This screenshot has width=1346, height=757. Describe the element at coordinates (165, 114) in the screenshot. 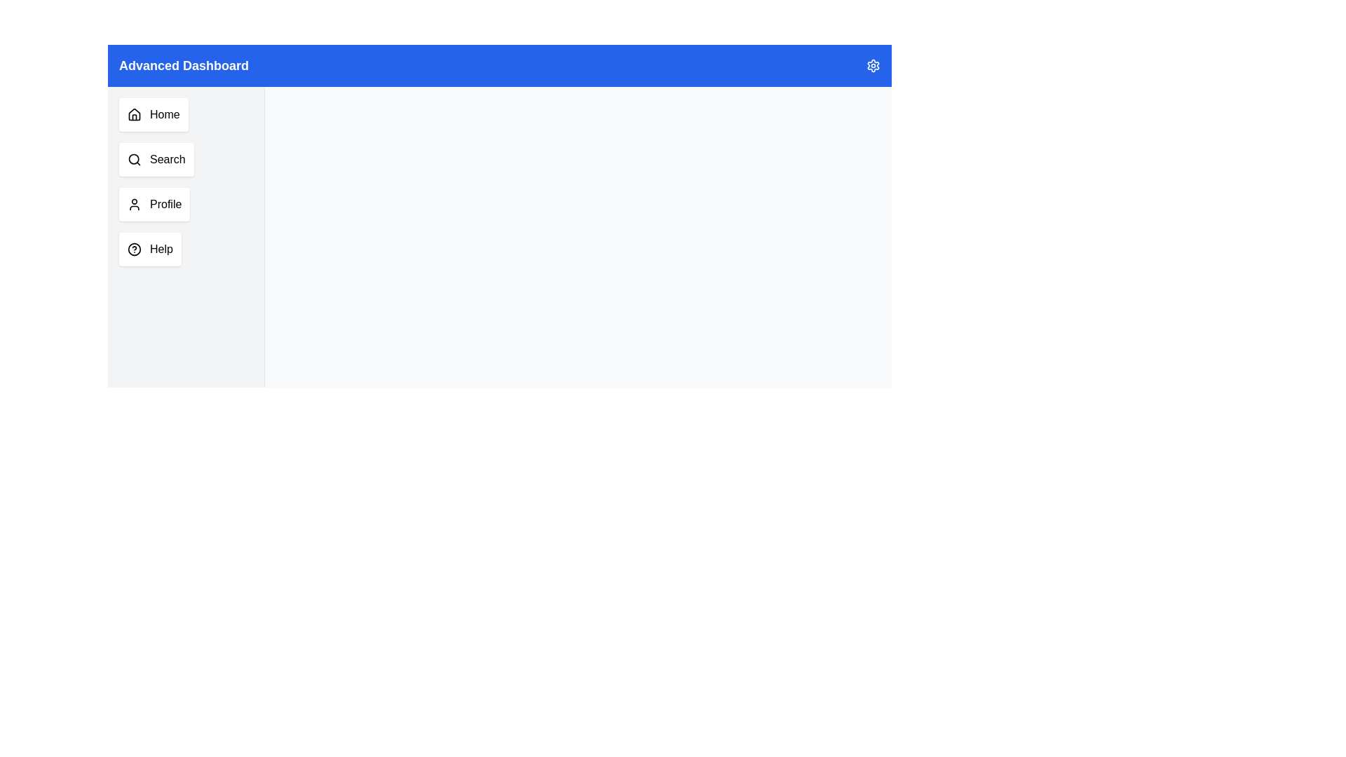

I see `the 'Home' text label located in the vertical menu on the left side of the interface, which is part of a button with a house icon` at that location.